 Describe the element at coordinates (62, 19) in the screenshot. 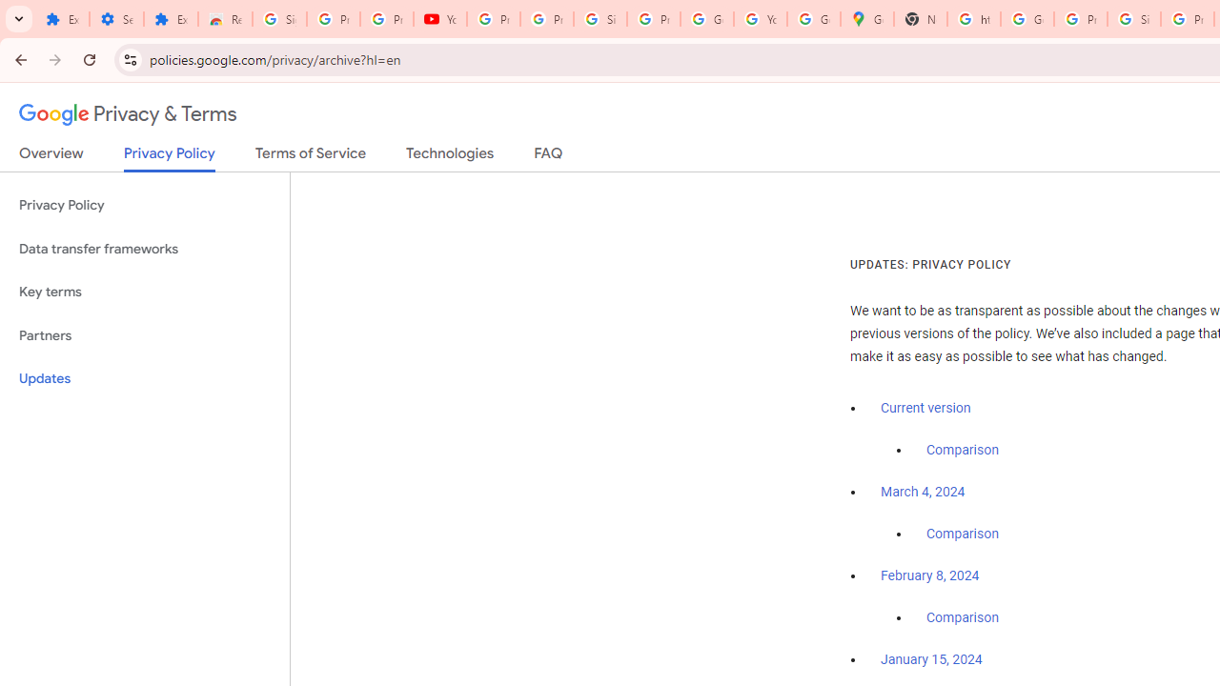

I see `'Extensions'` at that location.